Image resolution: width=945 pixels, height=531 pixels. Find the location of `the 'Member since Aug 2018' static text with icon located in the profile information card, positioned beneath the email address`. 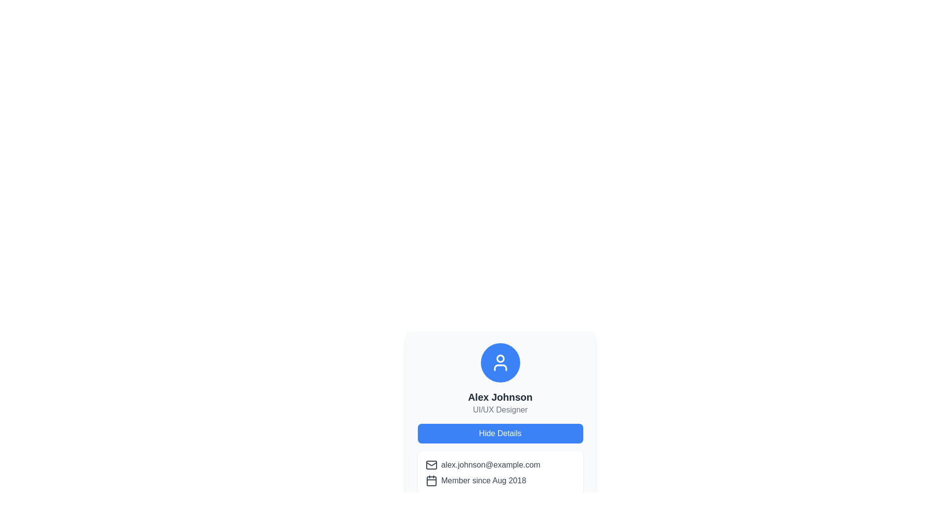

the 'Member since Aug 2018' static text with icon located in the profile information card, positioned beneath the email address is located at coordinates (500, 480).